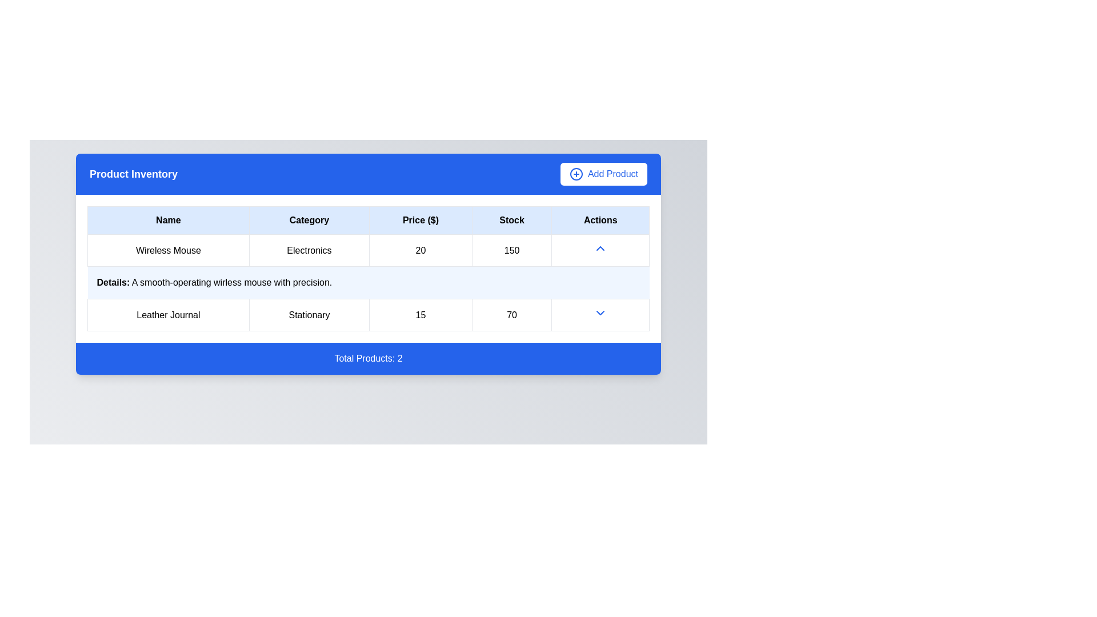 Image resolution: width=1097 pixels, height=617 pixels. I want to click on the 'Add Product' button located in the top-right corner of the interface, which has an icon representing the action of adding new items or products, so click(576, 174).